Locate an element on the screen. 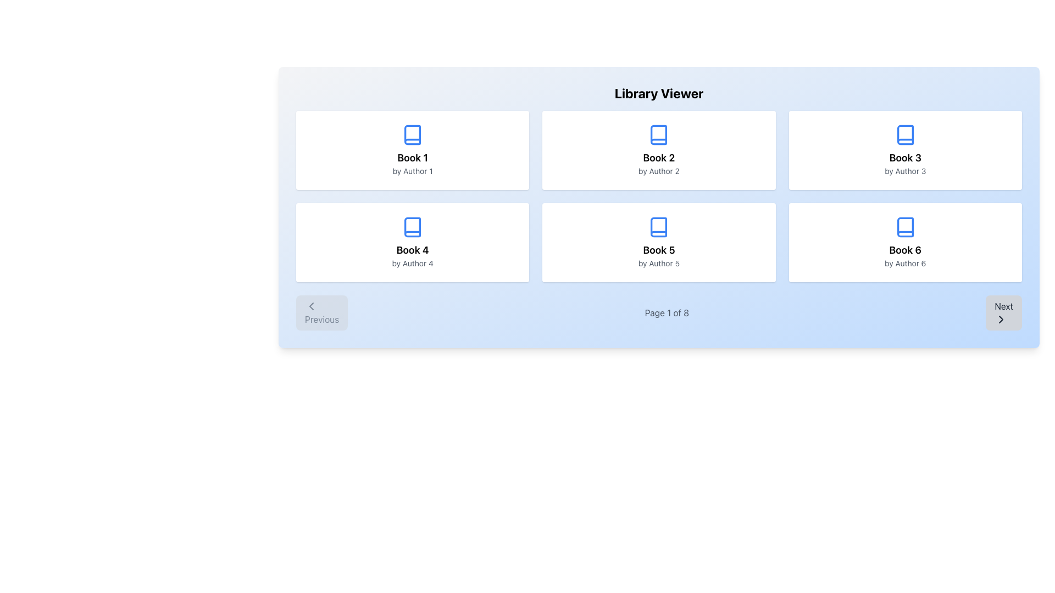 The height and width of the screenshot is (593, 1055). the text 'Book 1' from the bold text label located below the book icon is located at coordinates (412, 158).